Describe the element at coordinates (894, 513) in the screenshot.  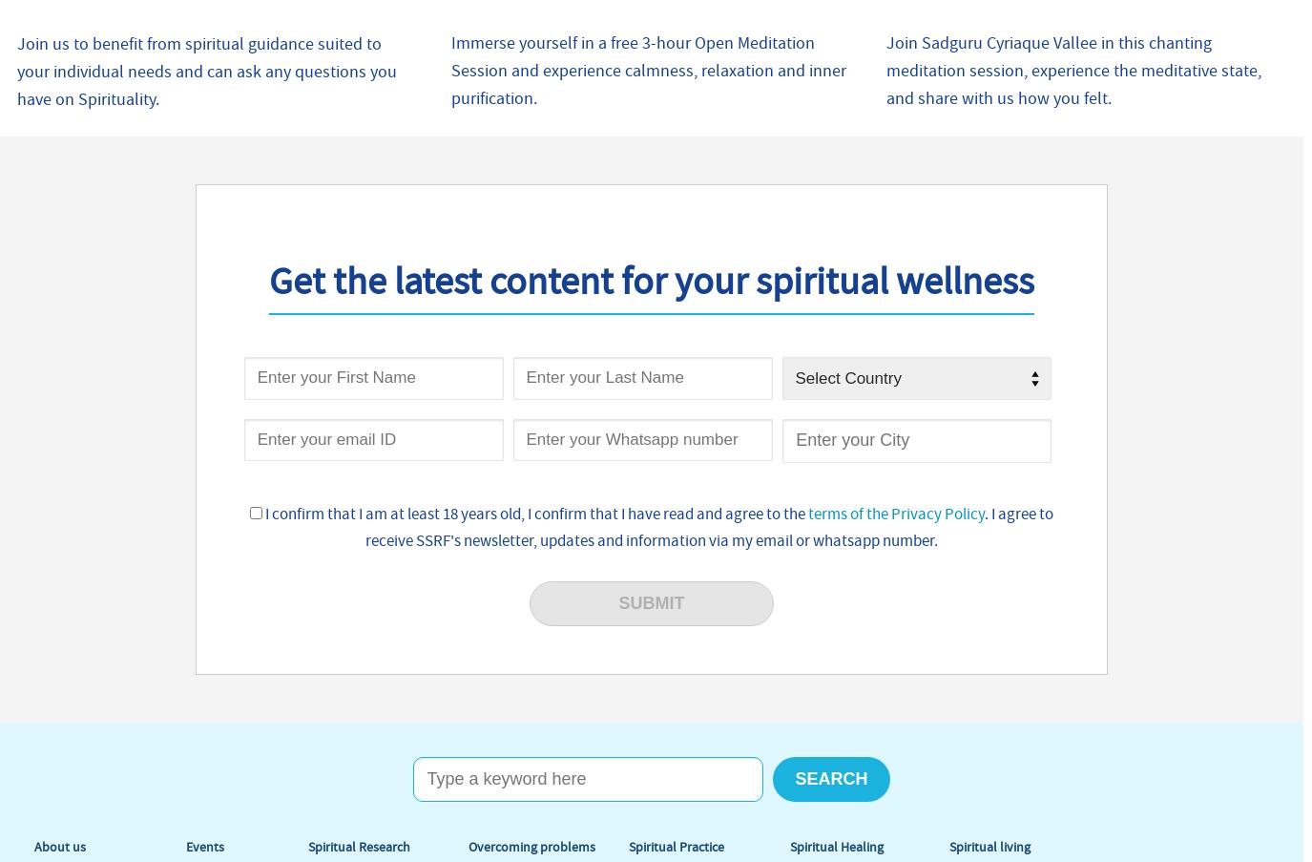
I see `'terms of the Privacy Policy'` at that location.